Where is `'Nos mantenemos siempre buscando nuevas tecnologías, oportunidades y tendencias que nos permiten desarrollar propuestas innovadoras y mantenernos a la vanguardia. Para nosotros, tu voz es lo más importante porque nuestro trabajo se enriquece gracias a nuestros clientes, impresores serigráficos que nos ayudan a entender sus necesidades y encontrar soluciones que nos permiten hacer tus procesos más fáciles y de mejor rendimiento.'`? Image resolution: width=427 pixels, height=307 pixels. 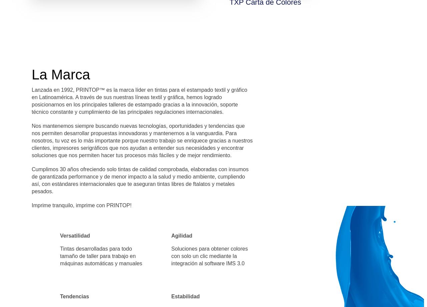
'Nos mantenemos siempre buscando nuevas tecnologías, oportunidades y tendencias que nos permiten desarrollar propuestas innovadoras y mantenernos a la vanguardia. Para nosotros, tu voz es lo más importante porque nuestro trabajo se enriquece gracias a nuestros clientes, impresores serigráficos que nos ayudan a entender sus necesidades y encontrar soluciones que nos permiten hacer tus procesos más fáciles y de mejor rendimiento.' is located at coordinates (31, 140).